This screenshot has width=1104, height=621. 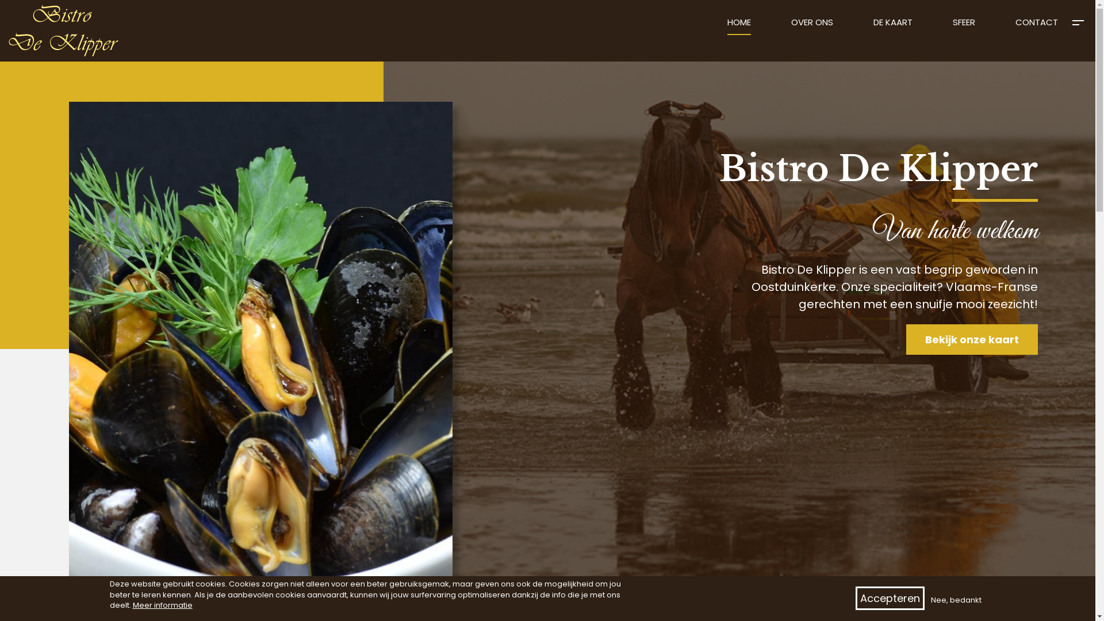 I want to click on 'Bistro De Klipper - Oostduinkerke', so click(x=0, y=0).